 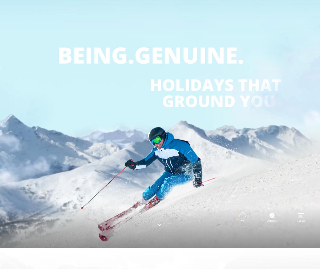 What do you see at coordinates (88, 184) in the screenshot?
I see `'Our website uses cookies. These have two functions: On the one hand, they are necessary for the basic functionality of our website. On the other hand, we use cookies to optimize our website, analyze traffic, personalize content and ads, offer social media features and show personalized advertising. With your consent (click on "Accept all cookies"), you also expressly agree pursuant to Art. 49 (1) lit. a DSGVO that providers in the USA may also process your data. In this case, it is possible that the transmitted data will be processed by US authorities for control and monitoring purposes without you having any legal remedies against this. Further details on the US services used on our website can be found in our privacy policy or in this cookie banner. You can revoke your consent to the use of cookies at any time. Further information about cookies on this website can be found in our'` at bounding box center [88, 184].